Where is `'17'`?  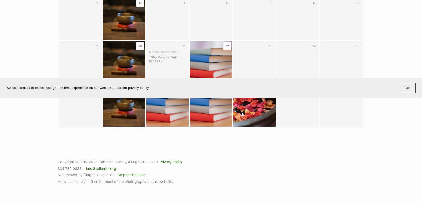 '17' is located at coordinates (313, 3).